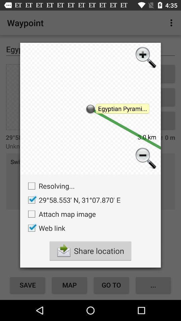  Describe the element at coordinates (60, 214) in the screenshot. I see `attach map image item` at that location.